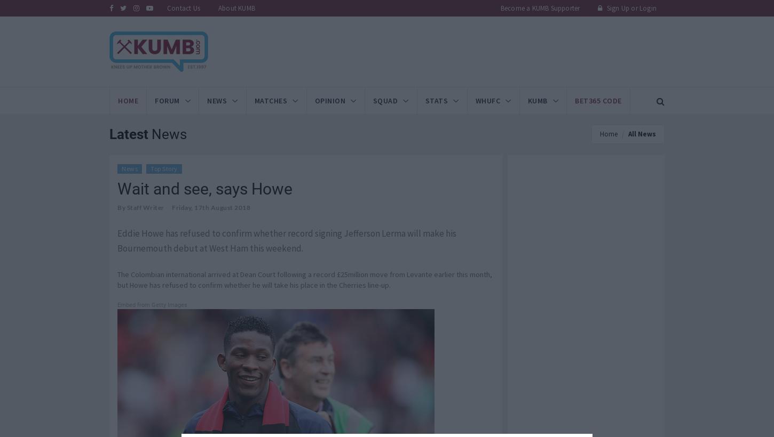 This screenshot has width=774, height=437. Describe the element at coordinates (167, 100) in the screenshot. I see `'Forum'` at that location.